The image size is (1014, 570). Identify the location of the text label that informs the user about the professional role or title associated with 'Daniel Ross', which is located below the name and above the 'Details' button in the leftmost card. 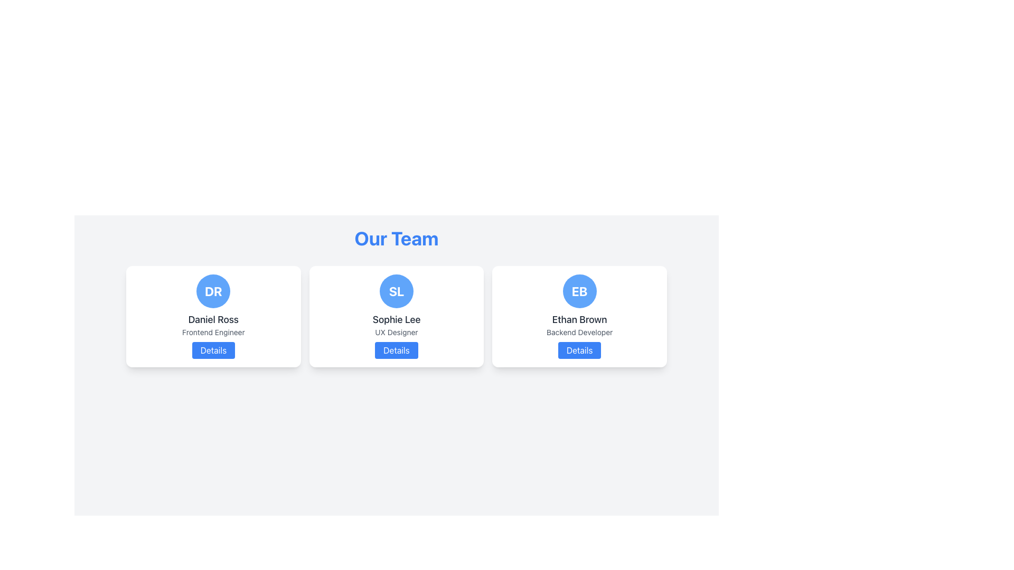
(213, 331).